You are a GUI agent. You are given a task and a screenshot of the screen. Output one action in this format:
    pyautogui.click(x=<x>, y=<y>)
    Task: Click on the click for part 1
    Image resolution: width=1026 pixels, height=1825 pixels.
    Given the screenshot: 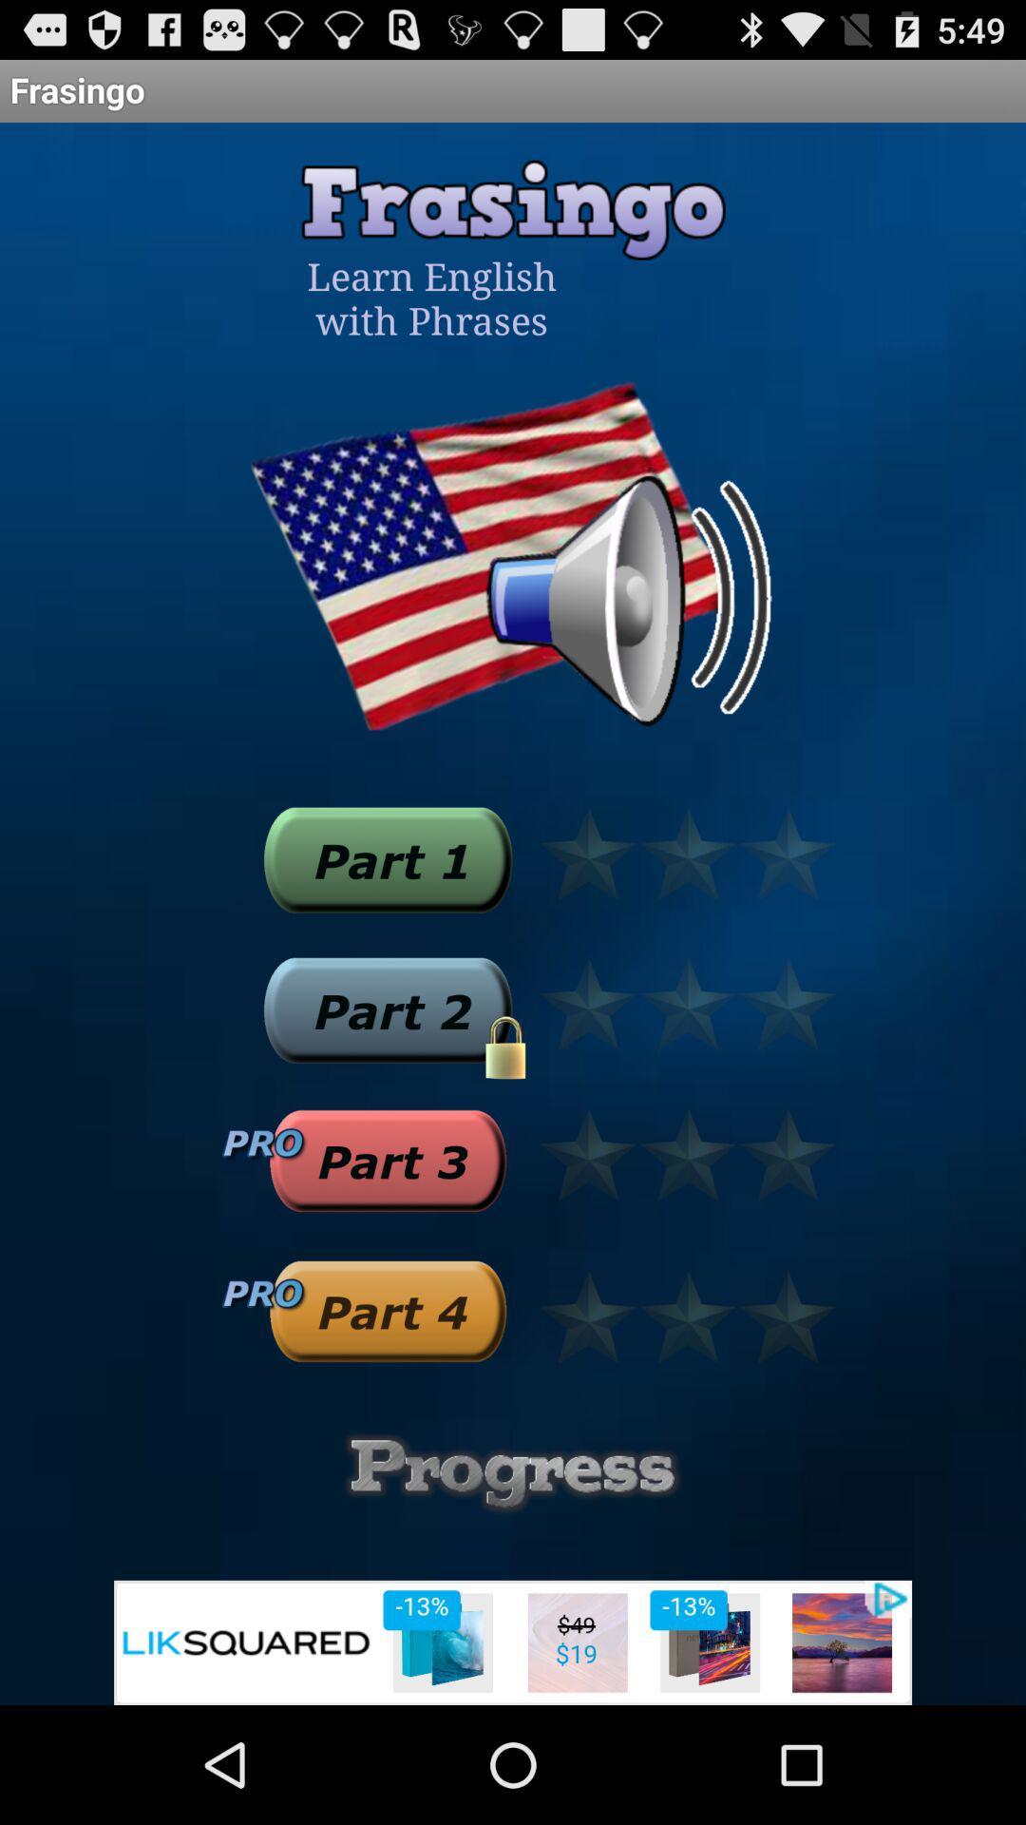 What is the action you would take?
    pyautogui.click(x=387, y=858)
    